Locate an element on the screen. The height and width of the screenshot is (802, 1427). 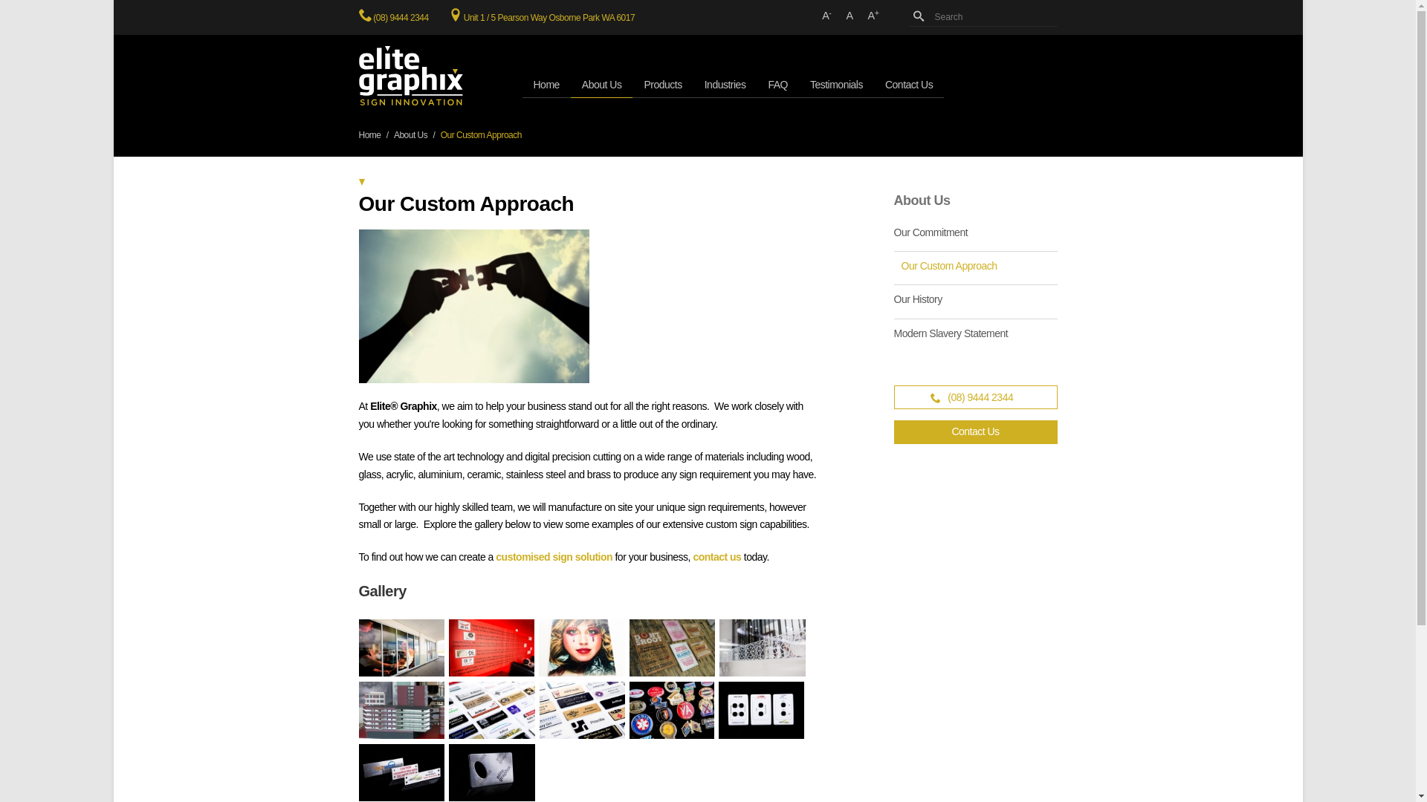
'Contact Us' is located at coordinates (908, 85).